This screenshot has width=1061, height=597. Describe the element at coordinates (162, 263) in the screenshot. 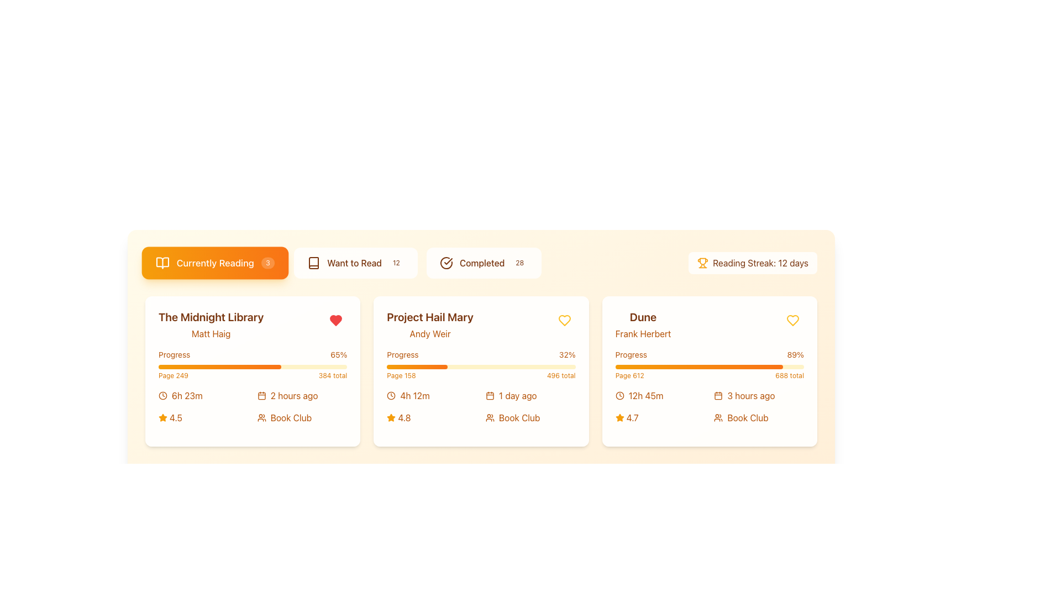

I see `the orange book icon located on the leftmost part of the 'Currently Reading' button` at that location.